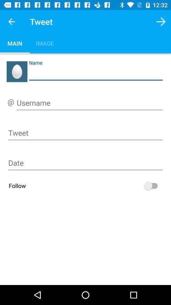 This screenshot has height=305, width=171. What do you see at coordinates (85, 134) in the screenshot?
I see `write your tweet` at bounding box center [85, 134].